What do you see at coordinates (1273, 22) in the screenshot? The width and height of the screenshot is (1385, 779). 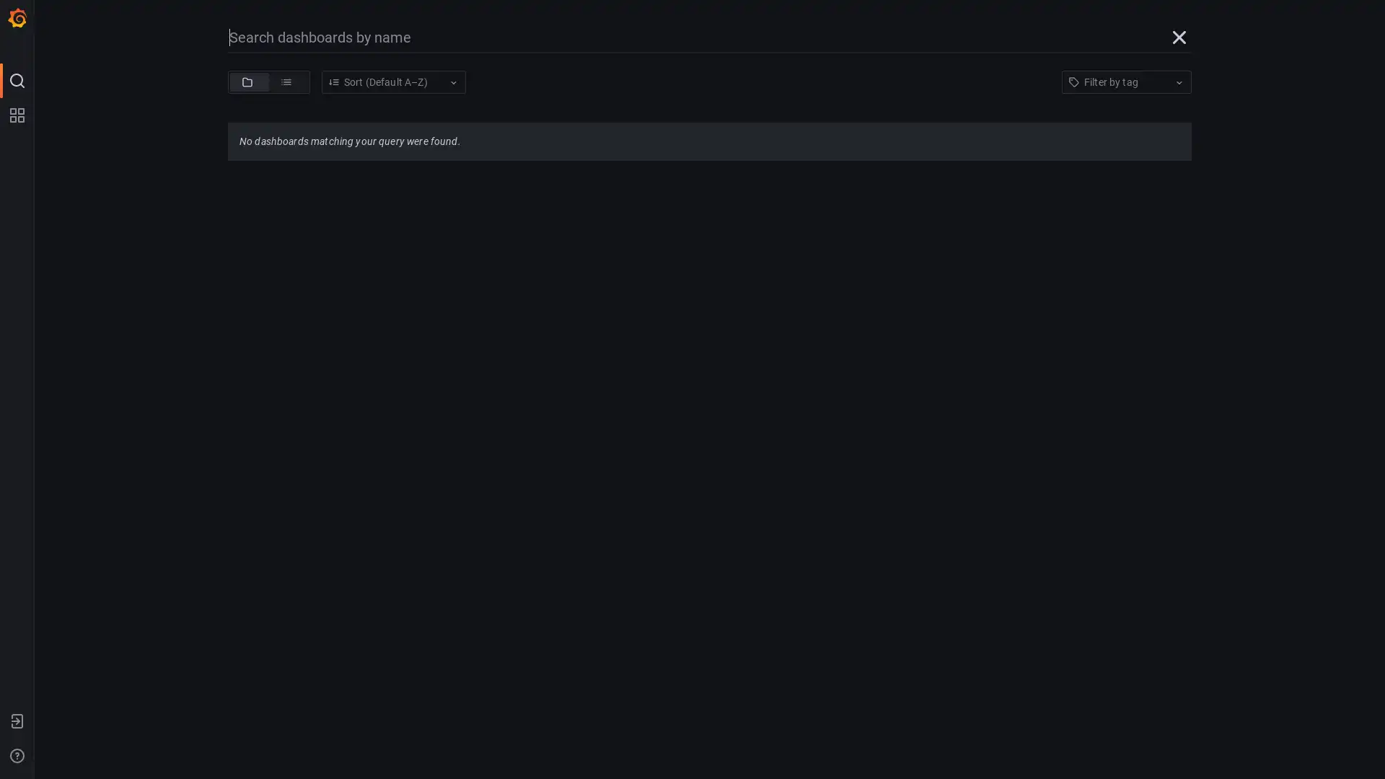 I see `Zoom out time range` at bounding box center [1273, 22].